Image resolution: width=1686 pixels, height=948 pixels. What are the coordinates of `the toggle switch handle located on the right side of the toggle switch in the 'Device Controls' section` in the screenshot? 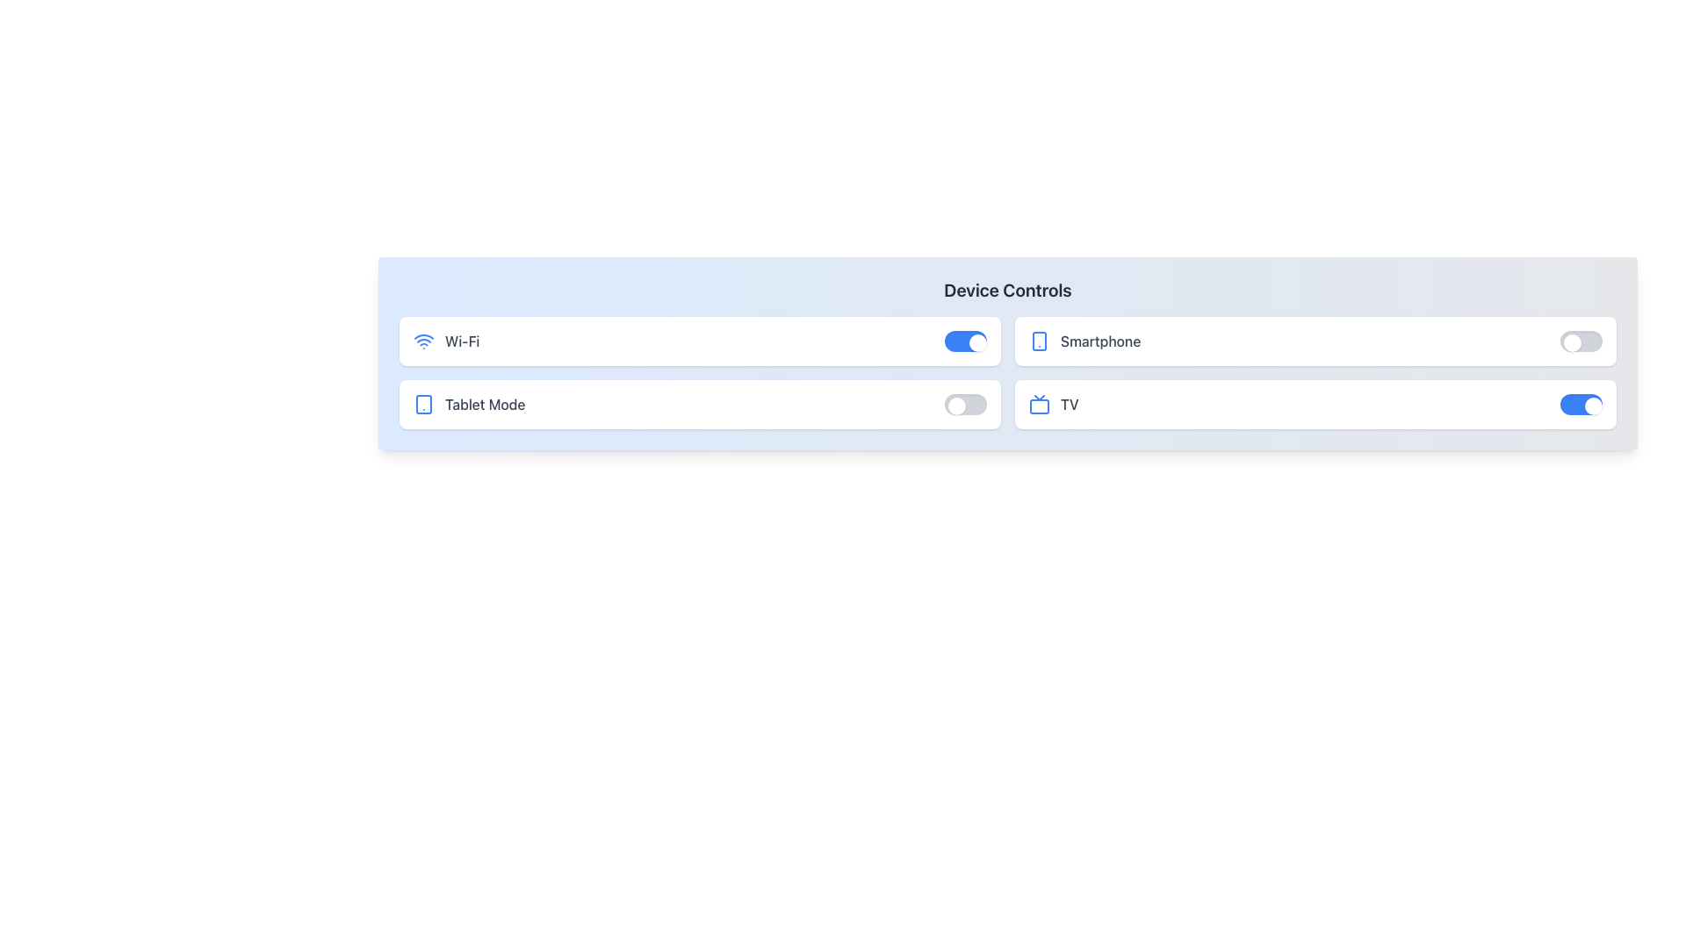 It's located at (1572, 342).